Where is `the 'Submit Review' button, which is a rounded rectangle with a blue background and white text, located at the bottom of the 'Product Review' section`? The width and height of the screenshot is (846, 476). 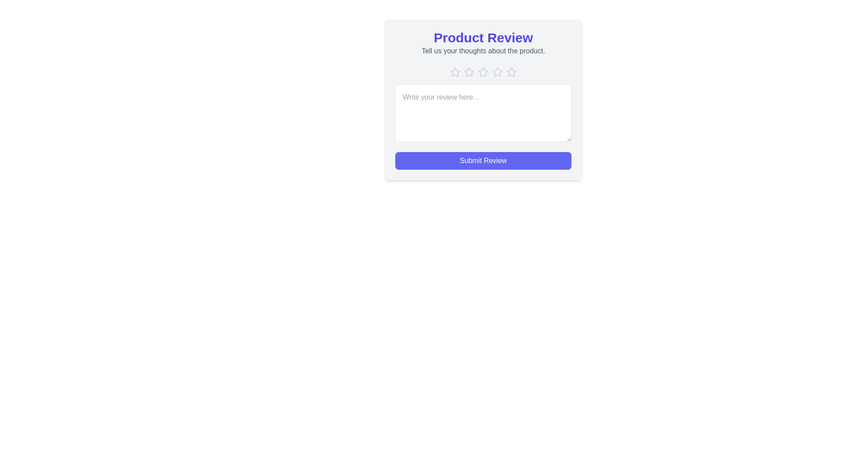
the 'Submit Review' button, which is a rounded rectangle with a blue background and white text, located at the bottom of the 'Product Review' section is located at coordinates (483, 161).